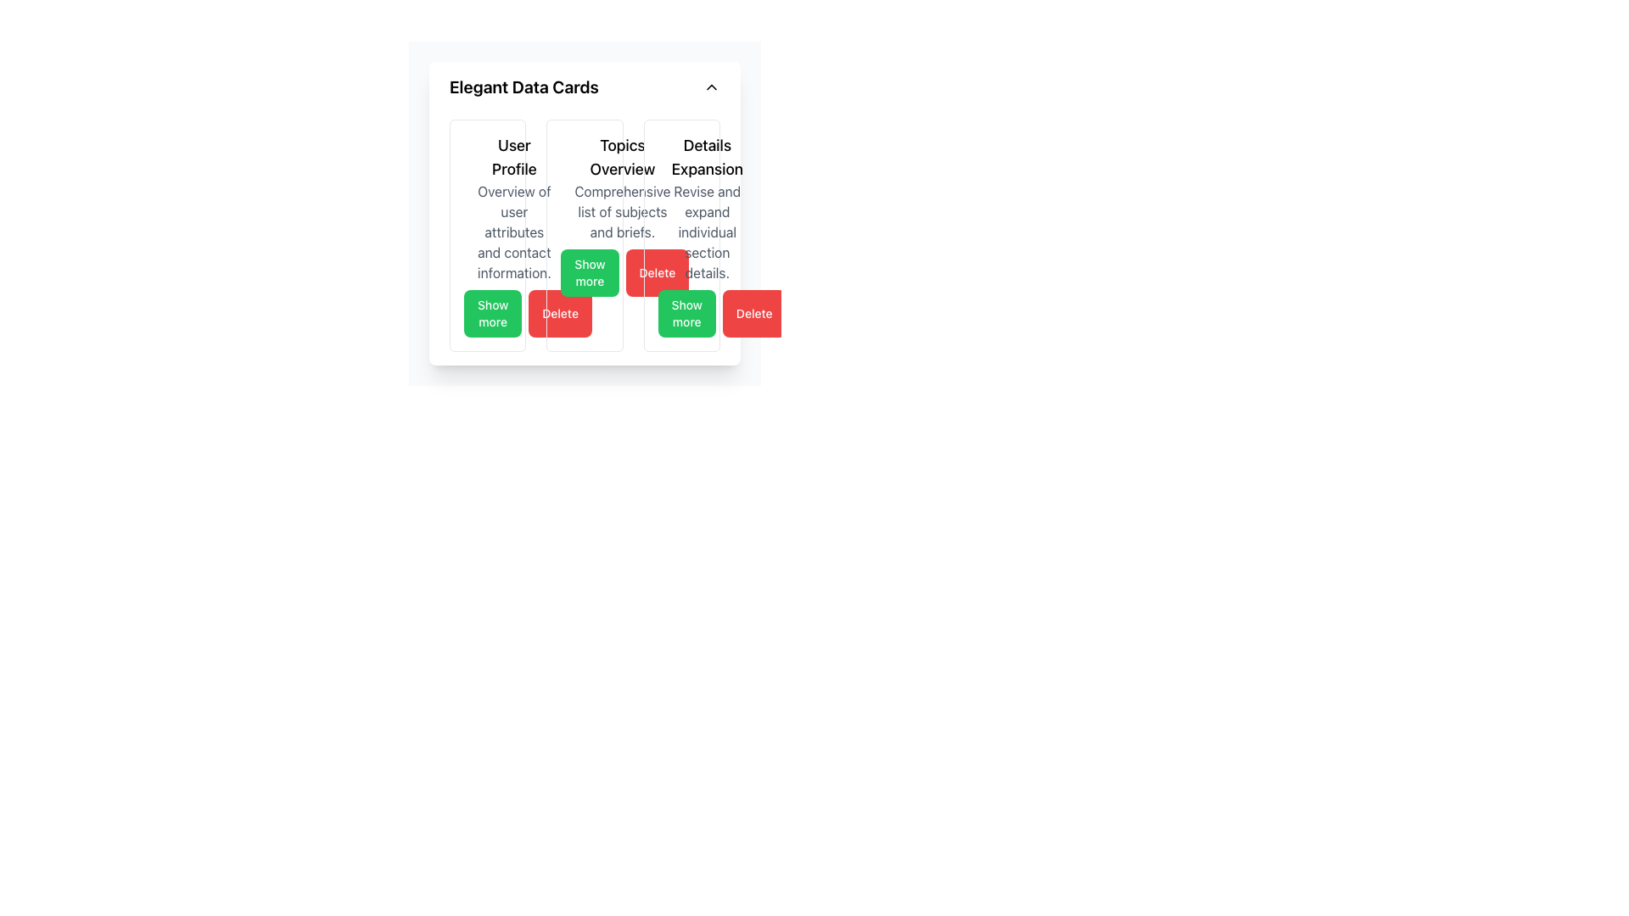  I want to click on the text displaying 'Revise and expand individual section details.' located below the title 'Details Expansion' in the Details Expansion card, so click(707, 232).